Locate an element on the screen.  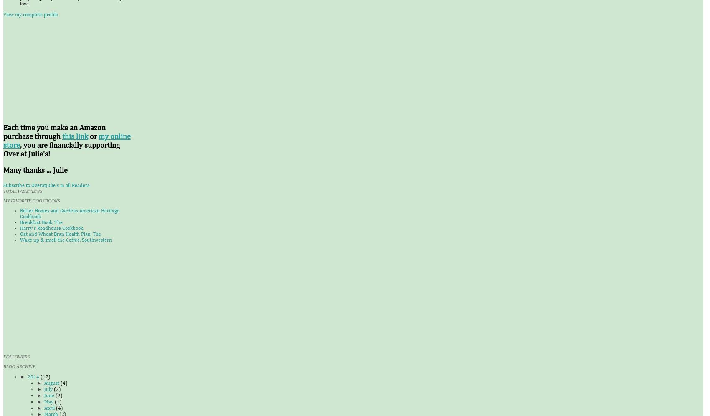
'Total Pageviews' is located at coordinates (23, 191).